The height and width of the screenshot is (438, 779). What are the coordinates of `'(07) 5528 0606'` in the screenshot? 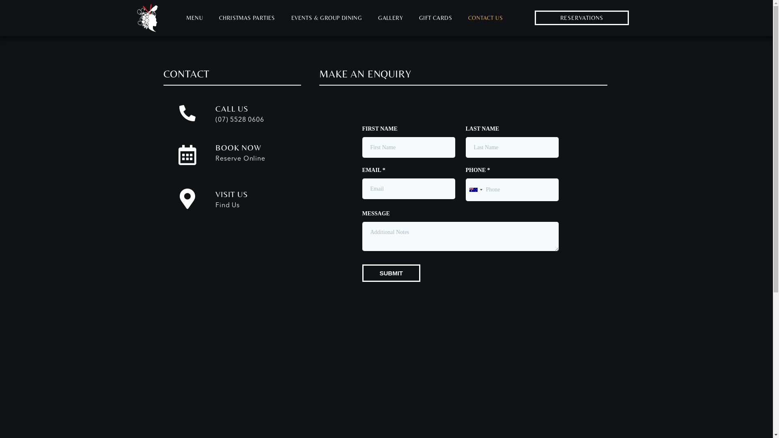 It's located at (239, 120).